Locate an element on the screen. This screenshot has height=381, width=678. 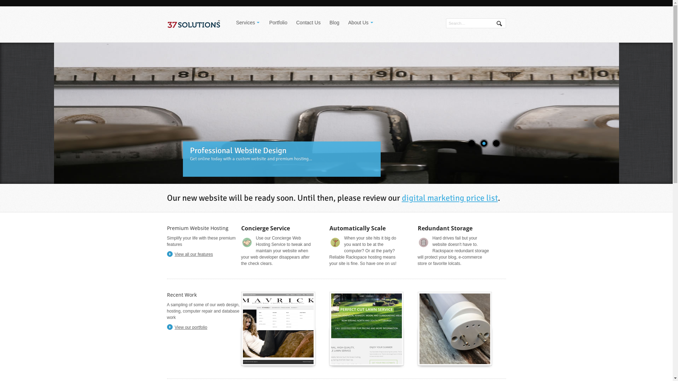
'Concierge Service' is located at coordinates (241, 228).